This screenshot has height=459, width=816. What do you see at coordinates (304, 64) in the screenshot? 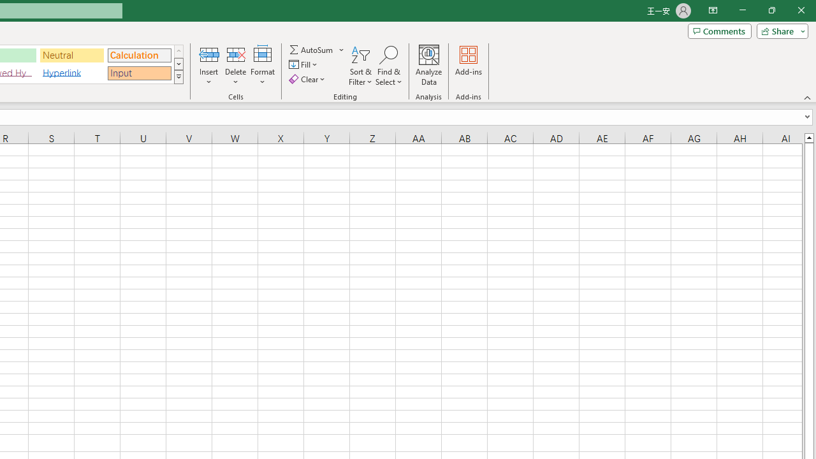
I see `'Fill'` at bounding box center [304, 64].